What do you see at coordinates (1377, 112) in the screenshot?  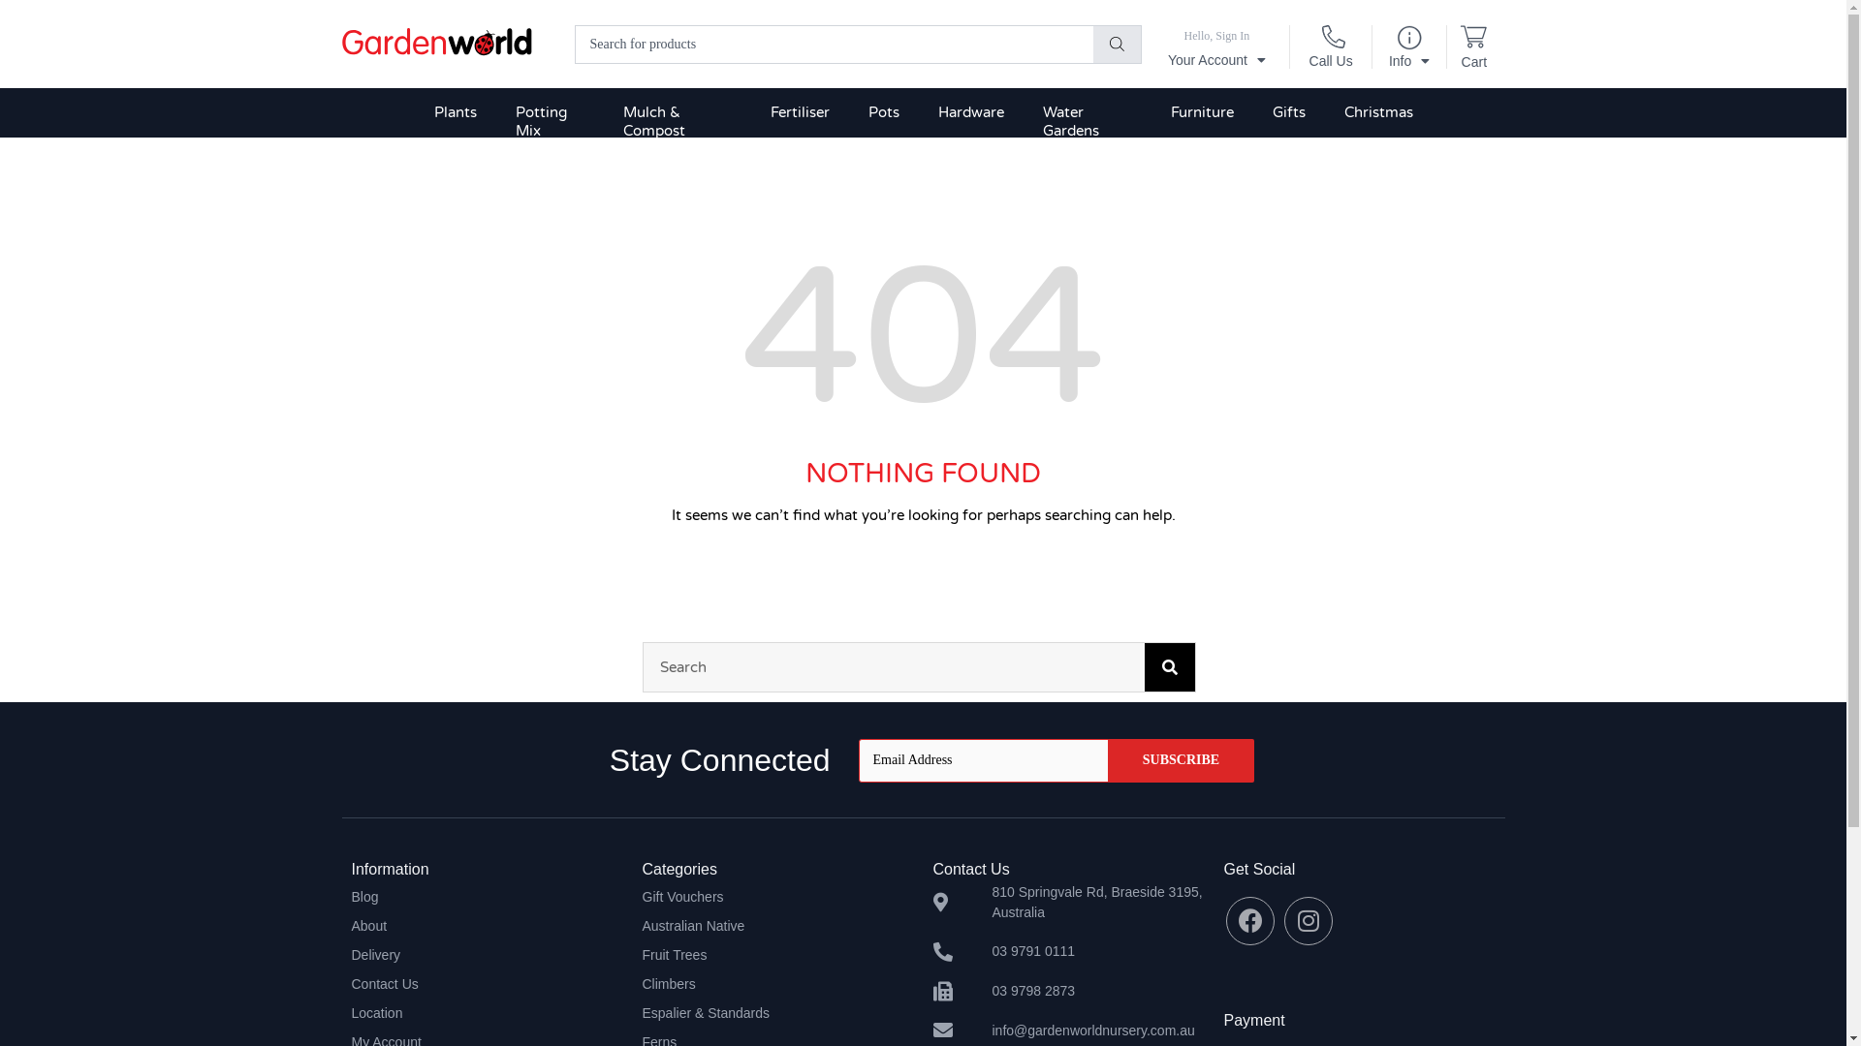 I see `'Christmas'` at bounding box center [1377, 112].